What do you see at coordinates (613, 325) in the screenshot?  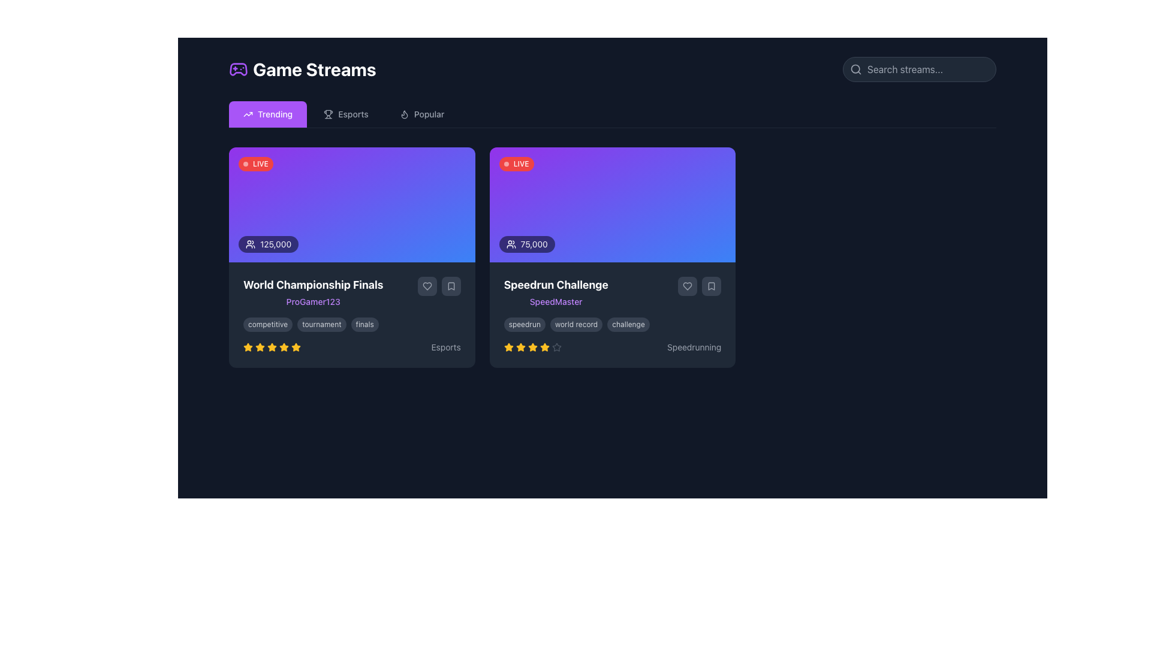 I see `the text in the Tag group located at the bottom-middle part of the 'Speedrun Challenge' card by 'SpeedMaster', positioned just above the rating stars and below the description section` at bounding box center [613, 325].